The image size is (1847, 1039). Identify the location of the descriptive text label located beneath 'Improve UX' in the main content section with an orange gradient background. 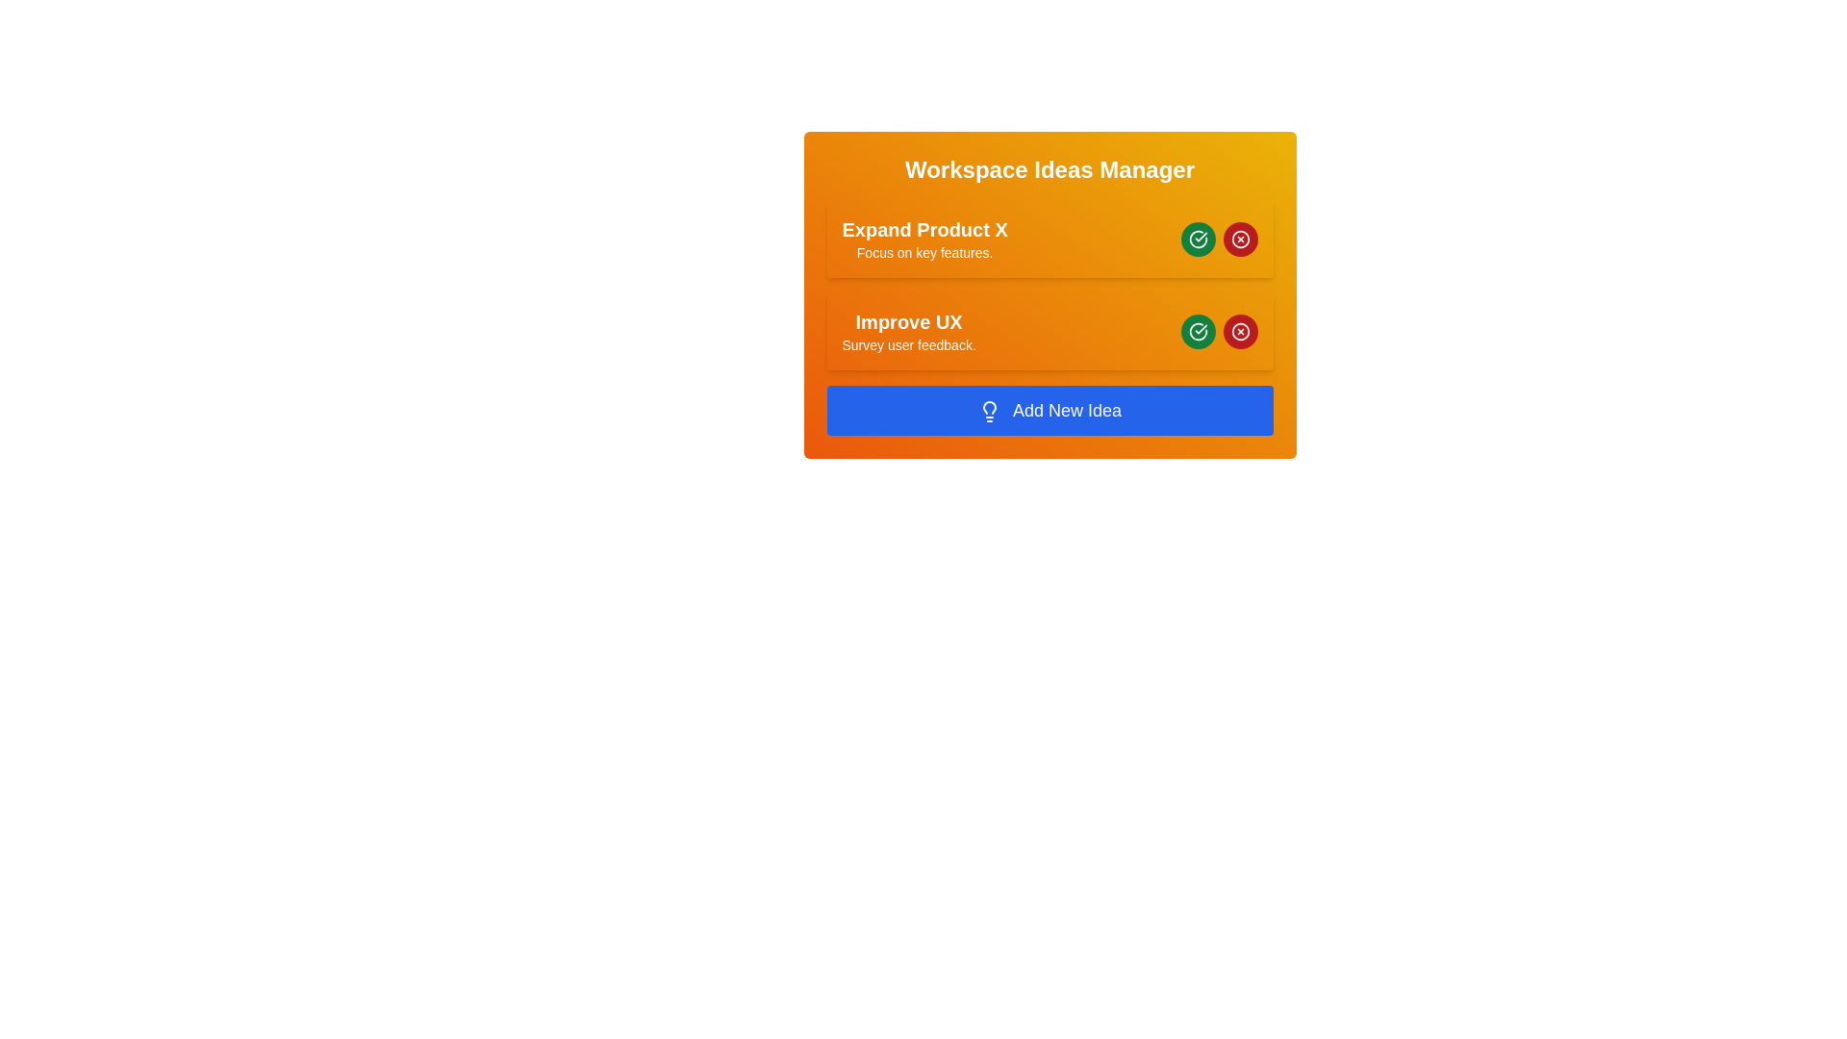
(908, 343).